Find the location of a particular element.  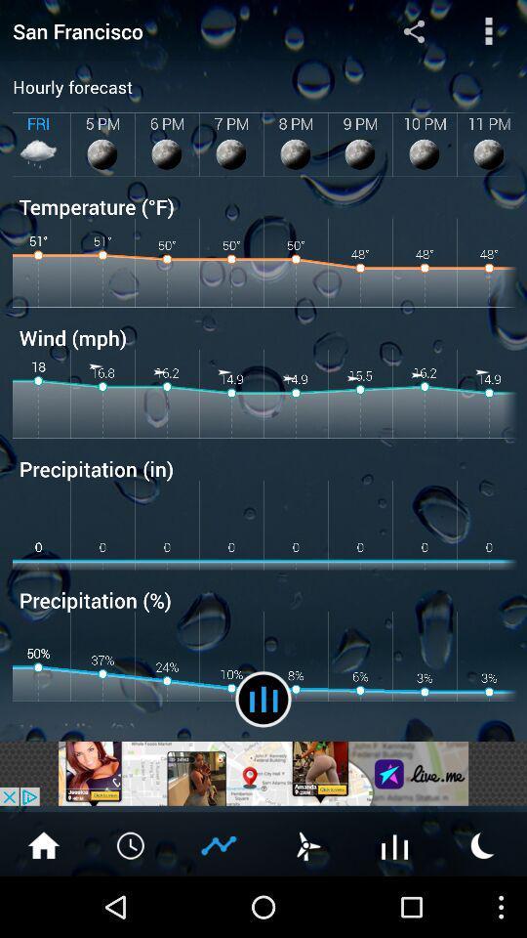

check wind is located at coordinates (306, 843).